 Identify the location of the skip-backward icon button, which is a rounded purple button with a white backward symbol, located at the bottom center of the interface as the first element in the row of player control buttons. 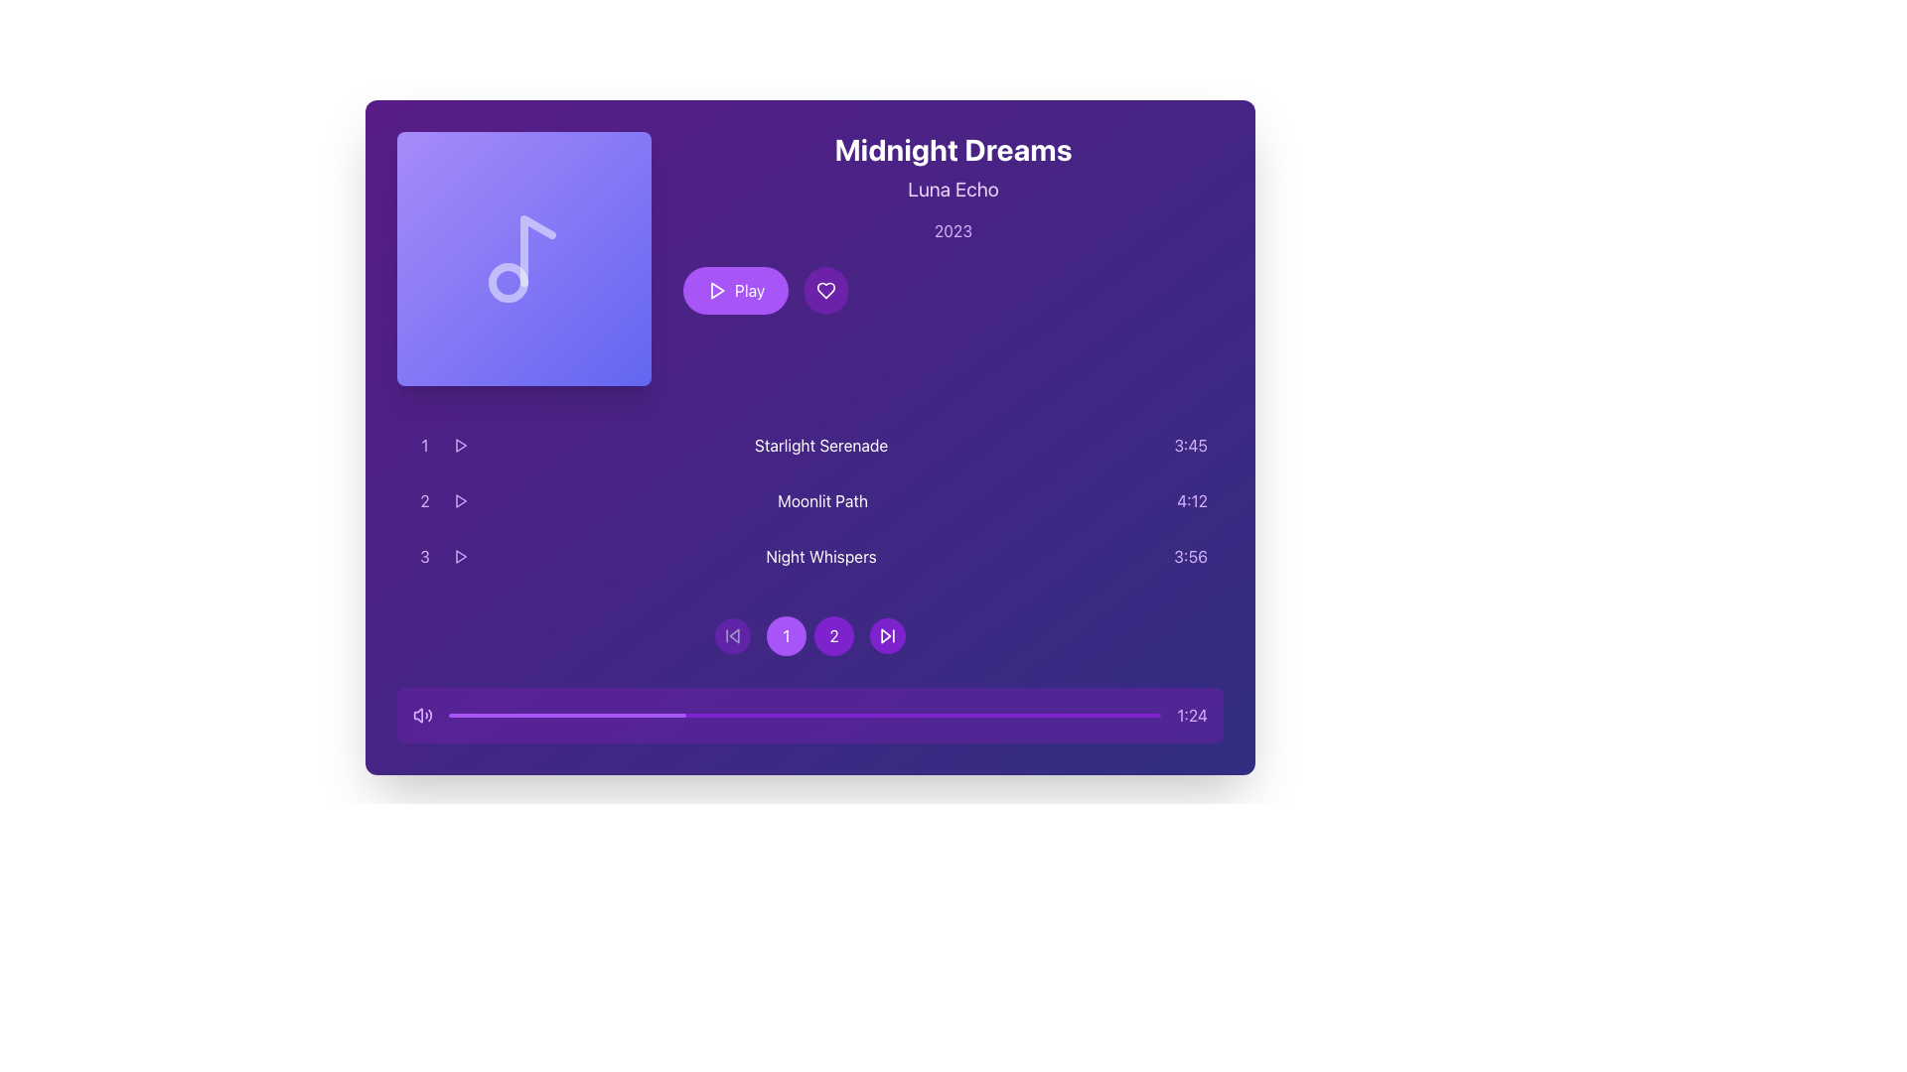
(732, 635).